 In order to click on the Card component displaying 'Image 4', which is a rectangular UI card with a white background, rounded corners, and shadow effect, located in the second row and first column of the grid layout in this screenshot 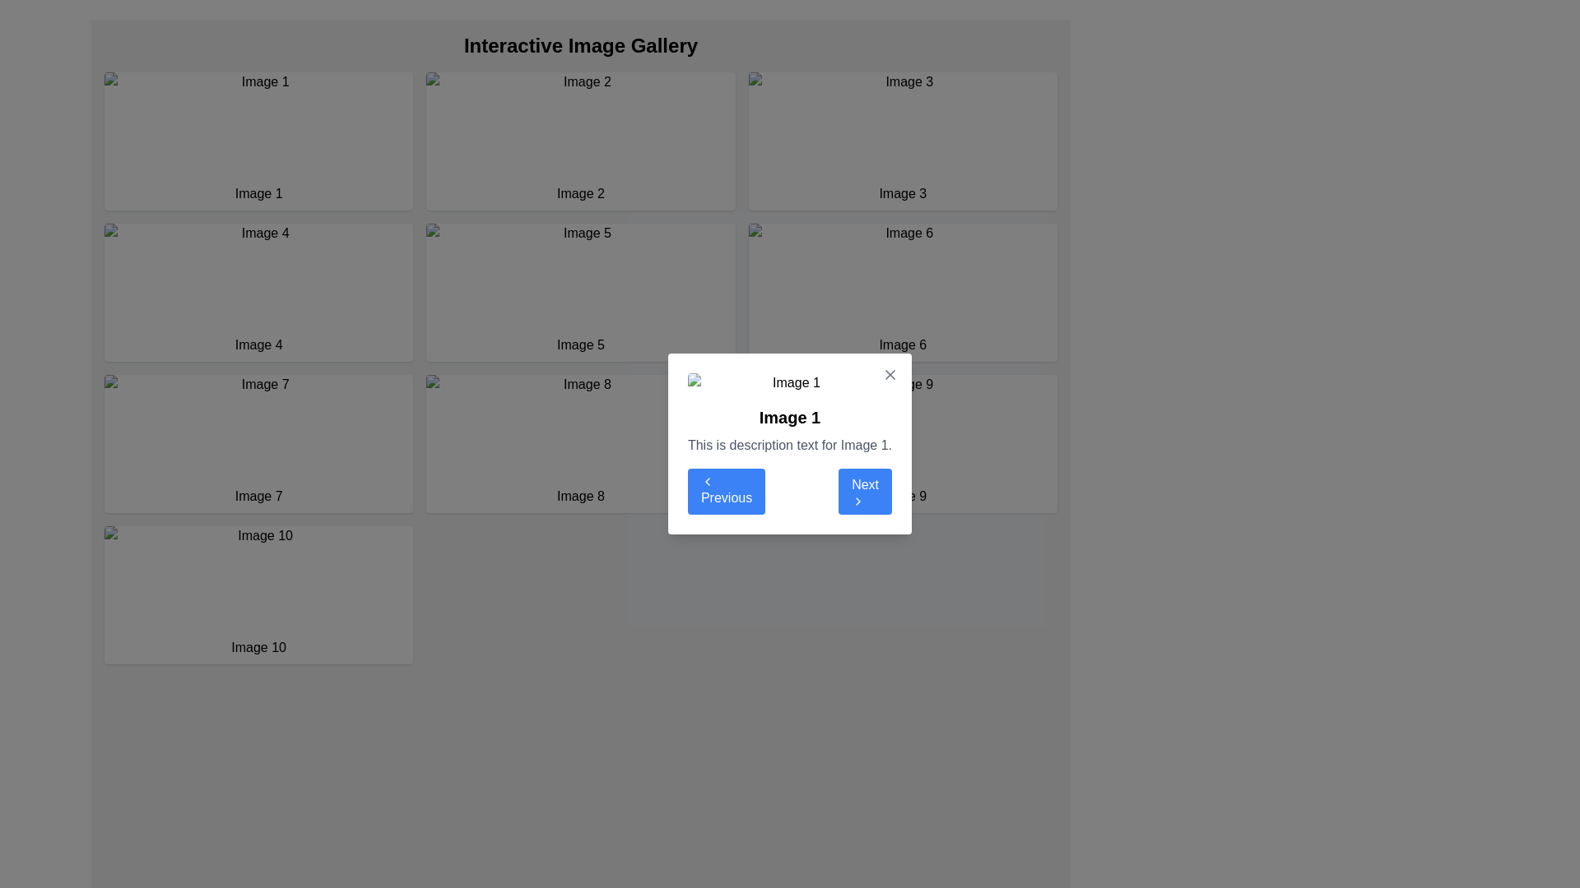, I will do `click(258, 291)`.